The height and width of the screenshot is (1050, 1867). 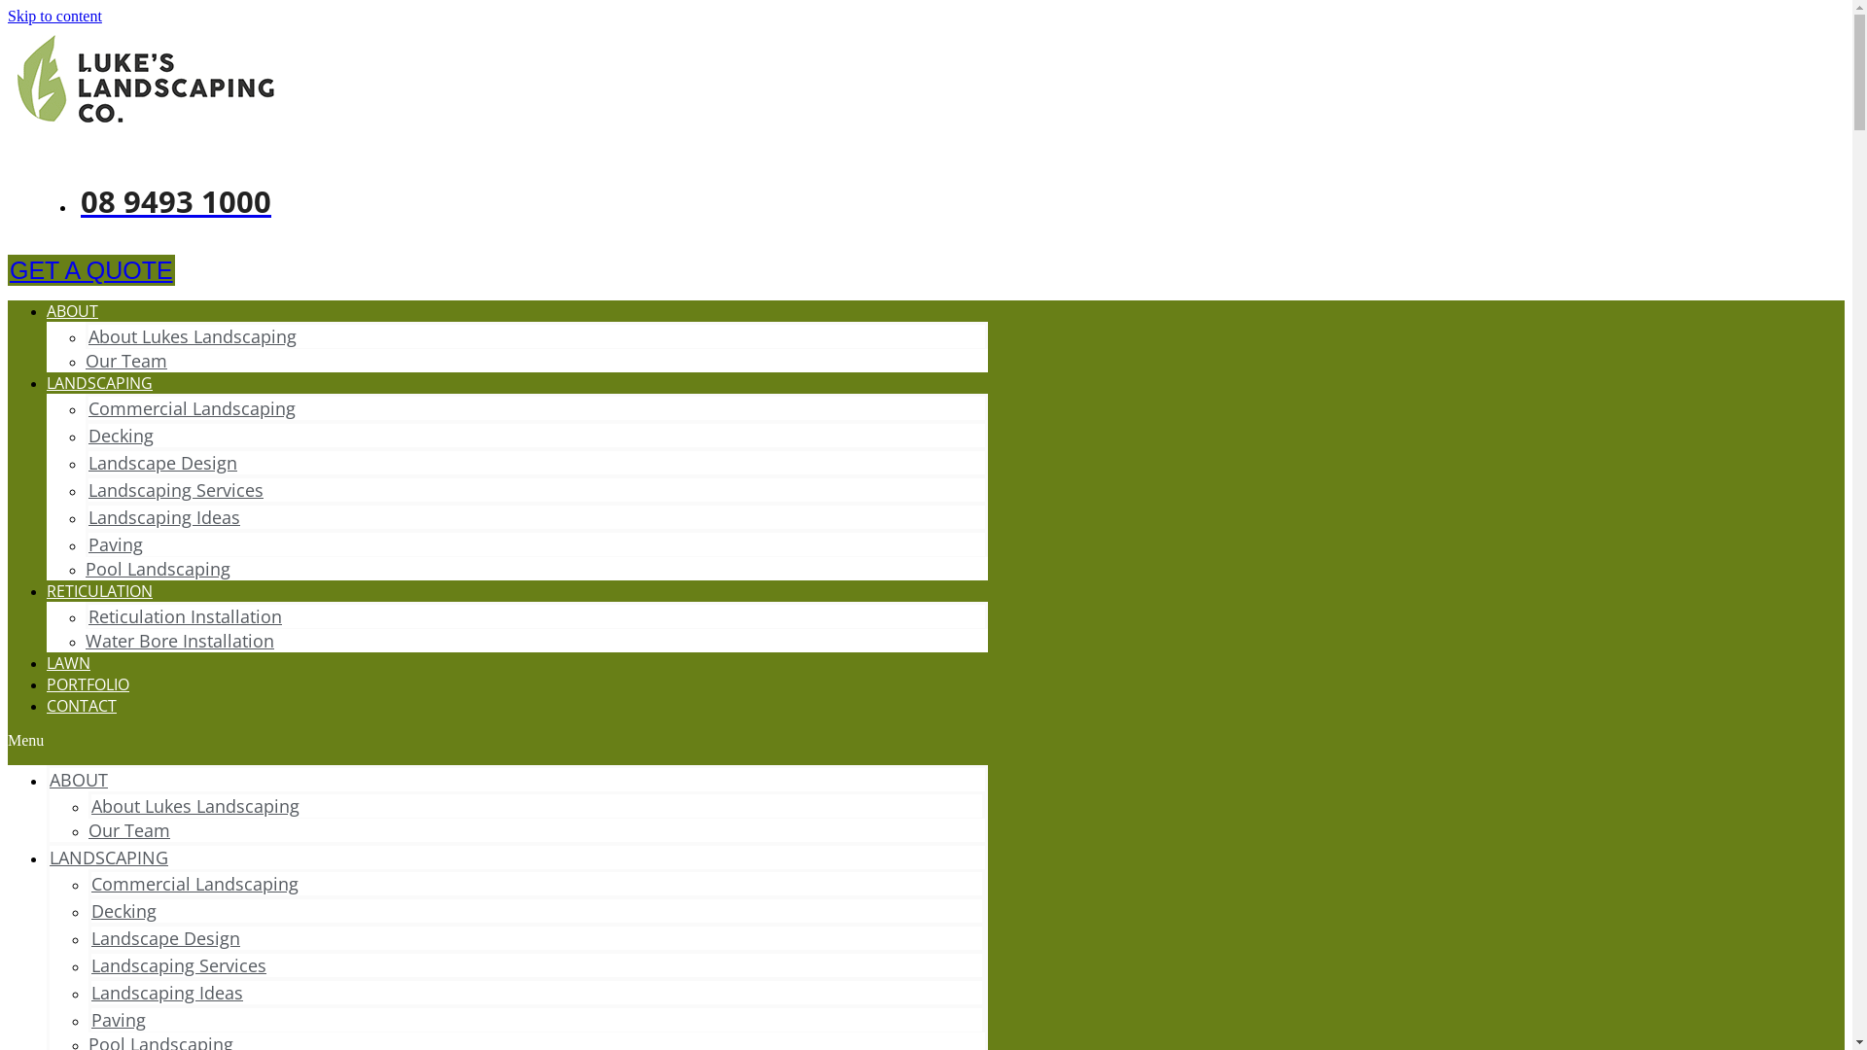 I want to click on 'Our Team', so click(x=124, y=360).